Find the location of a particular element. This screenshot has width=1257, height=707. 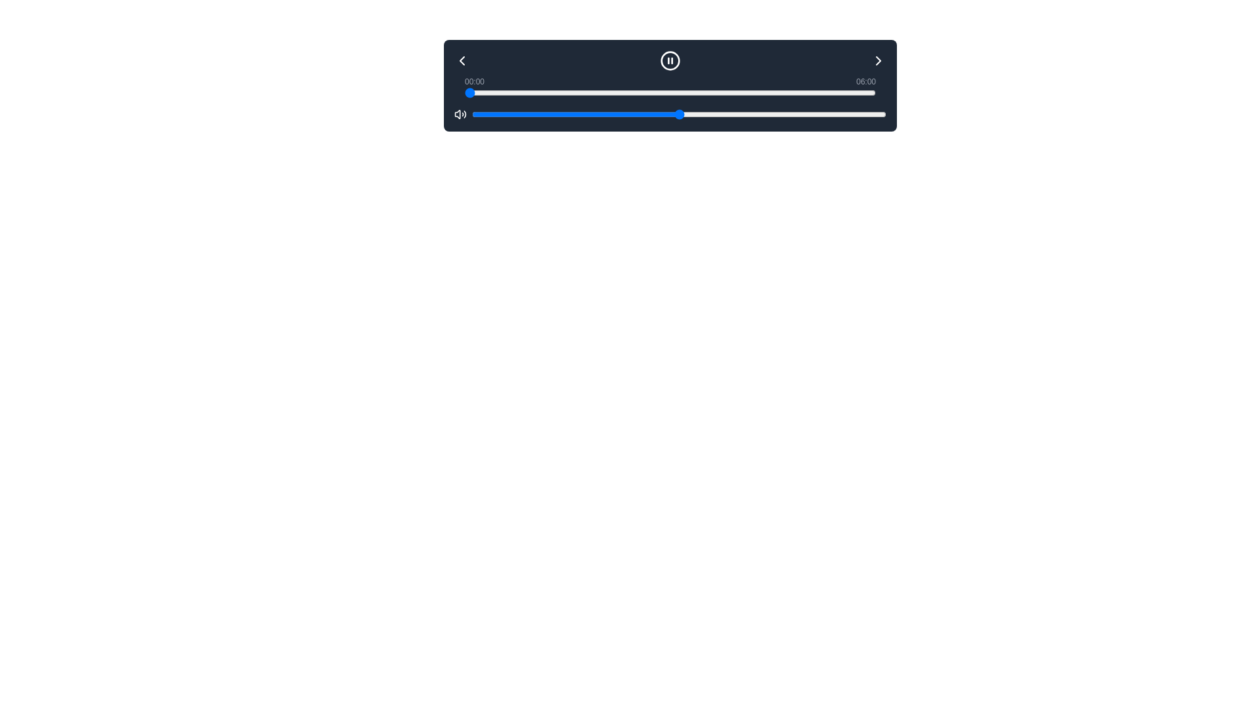

the playback time is located at coordinates (744, 92).